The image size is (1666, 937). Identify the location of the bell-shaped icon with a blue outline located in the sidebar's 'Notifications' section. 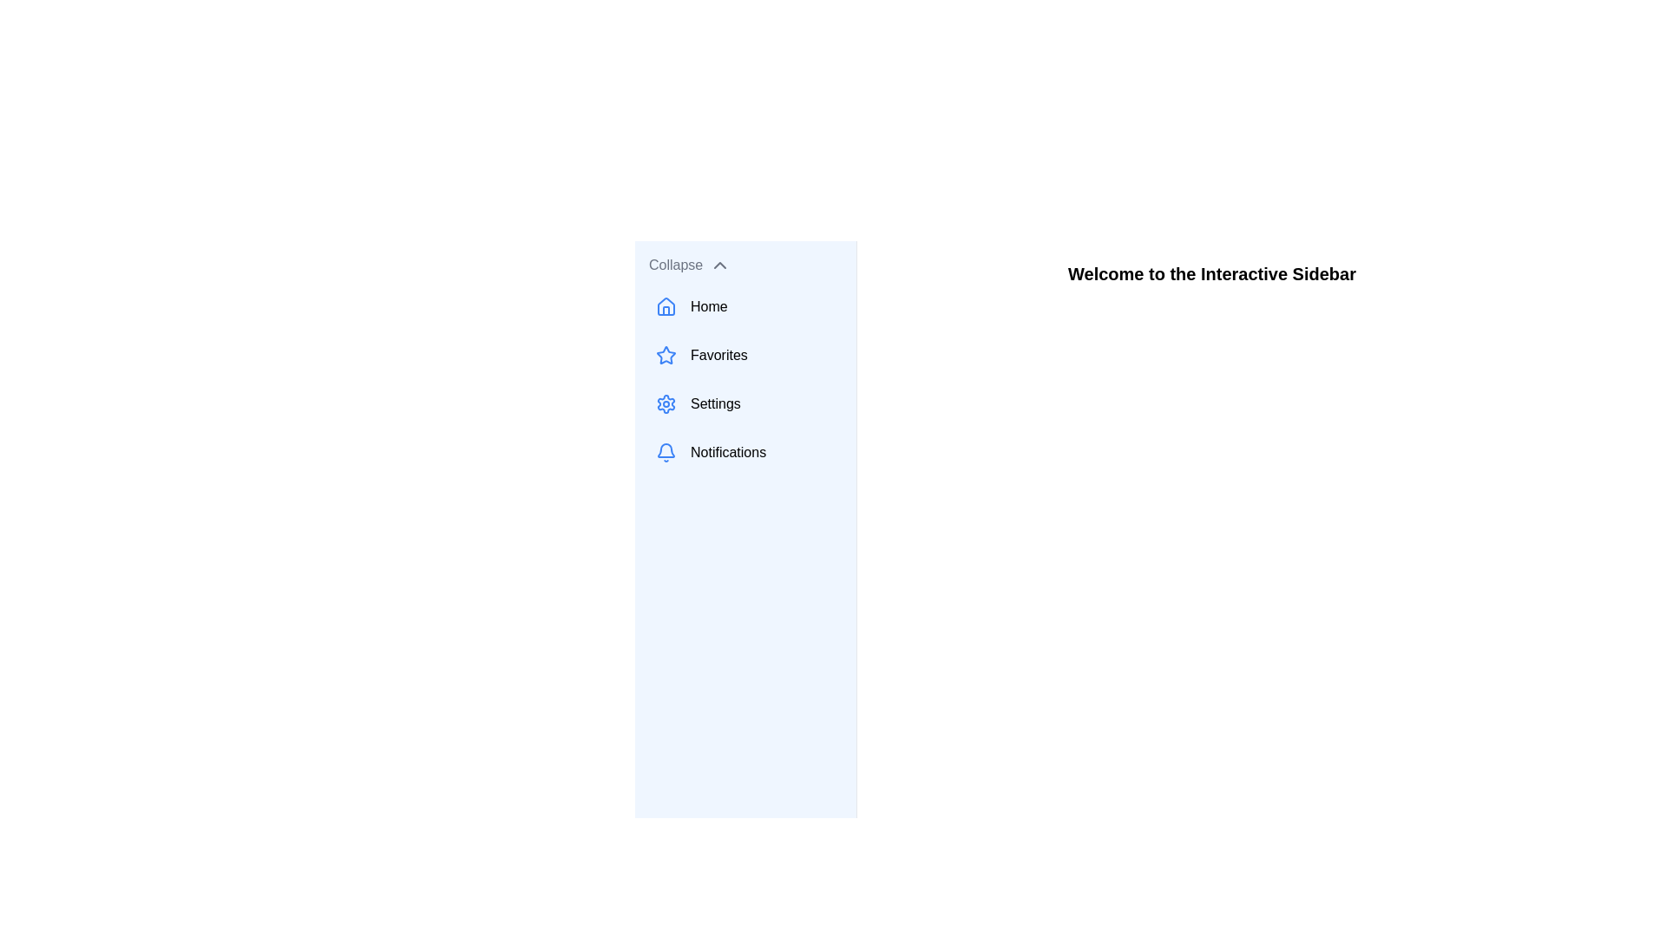
(666, 451).